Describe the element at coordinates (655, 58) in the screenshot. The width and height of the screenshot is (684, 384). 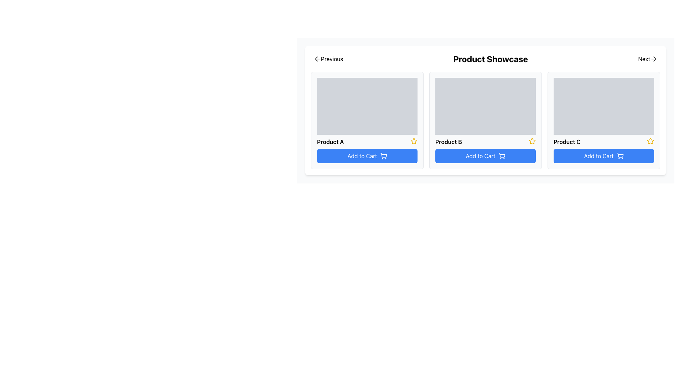
I see `the right-pointing arrowhead icon located in the 'Next' section at the top-right corner of the interface` at that location.